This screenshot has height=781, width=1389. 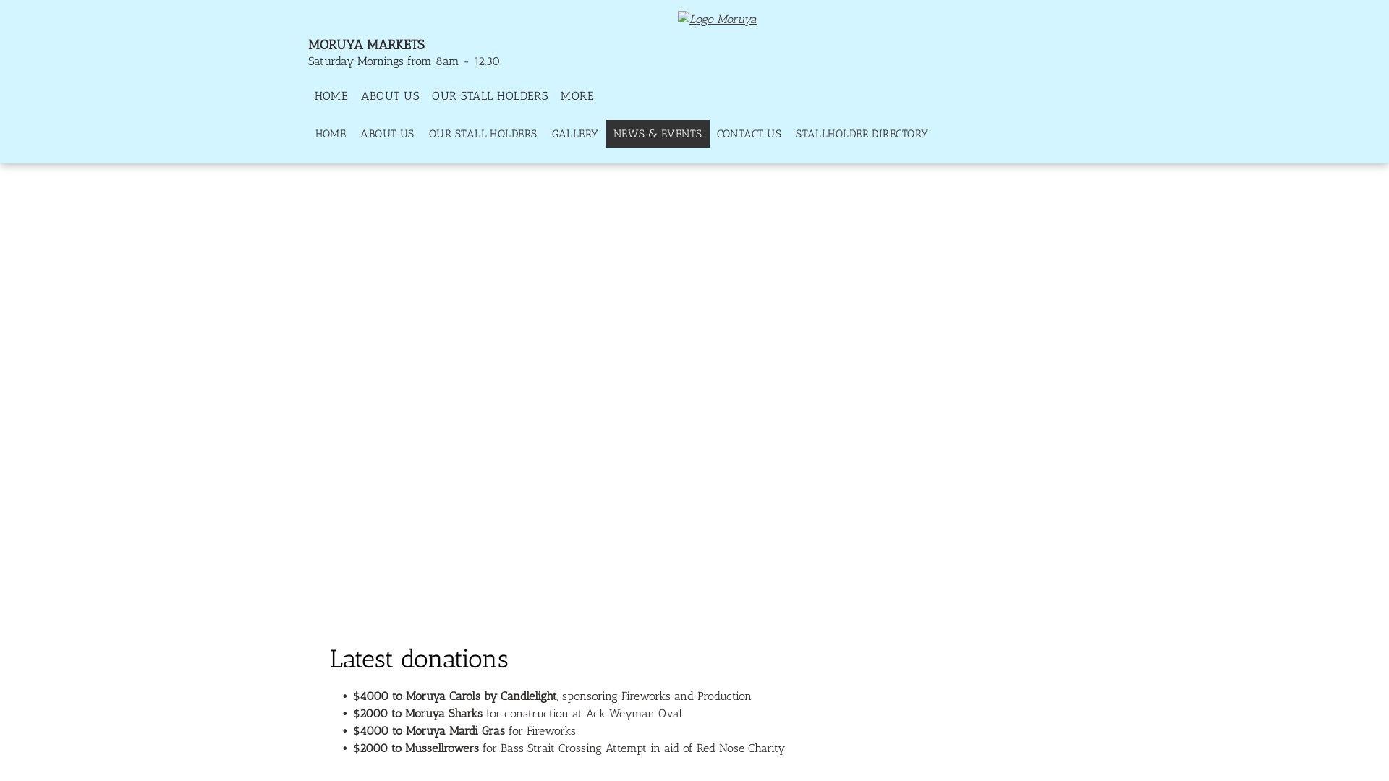 What do you see at coordinates (331, 95) in the screenshot?
I see `'HOME'` at bounding box center [331, 95].